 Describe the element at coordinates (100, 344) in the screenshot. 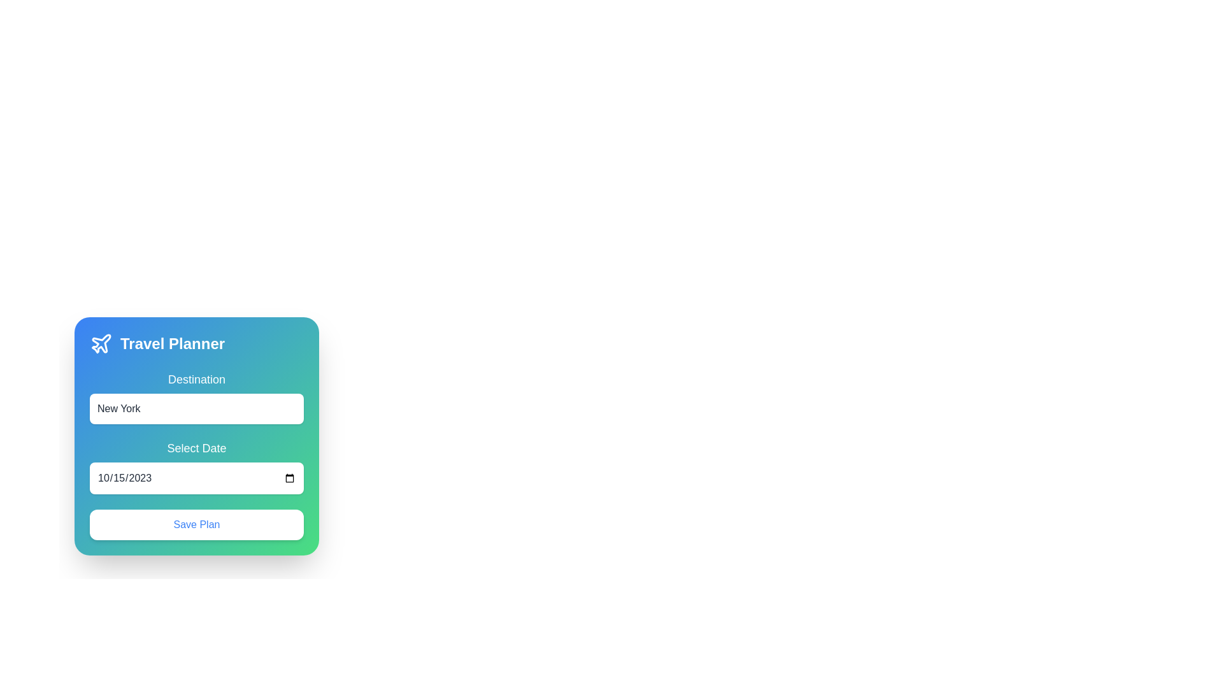

I see `the decorative travel icon located at the top left of the card interface, preceding the text 'Travel Planner'` at that location.